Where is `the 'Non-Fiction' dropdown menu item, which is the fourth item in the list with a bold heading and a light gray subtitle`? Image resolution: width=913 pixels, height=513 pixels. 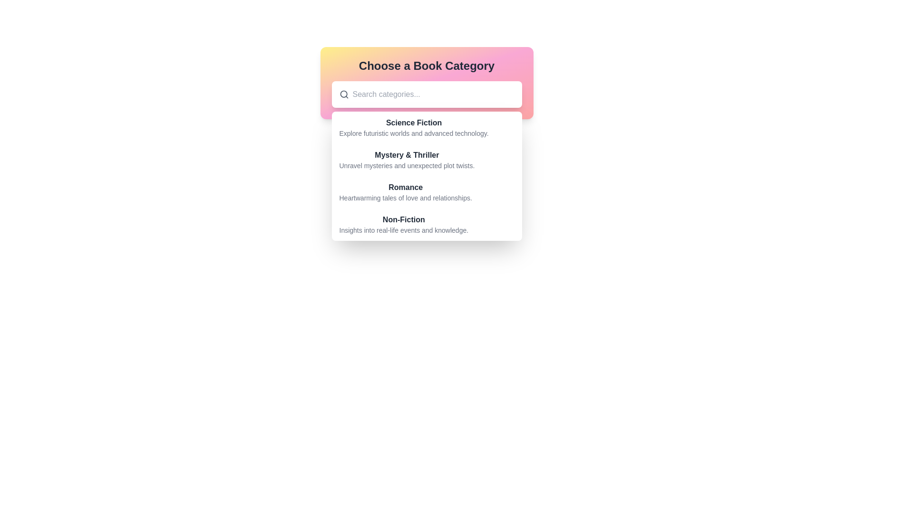 the 'Non-Fiction' dropdown menu item, which is the fourth item in the list with a bold heading and a light gray subtitle is located at coordinates (426, 225).